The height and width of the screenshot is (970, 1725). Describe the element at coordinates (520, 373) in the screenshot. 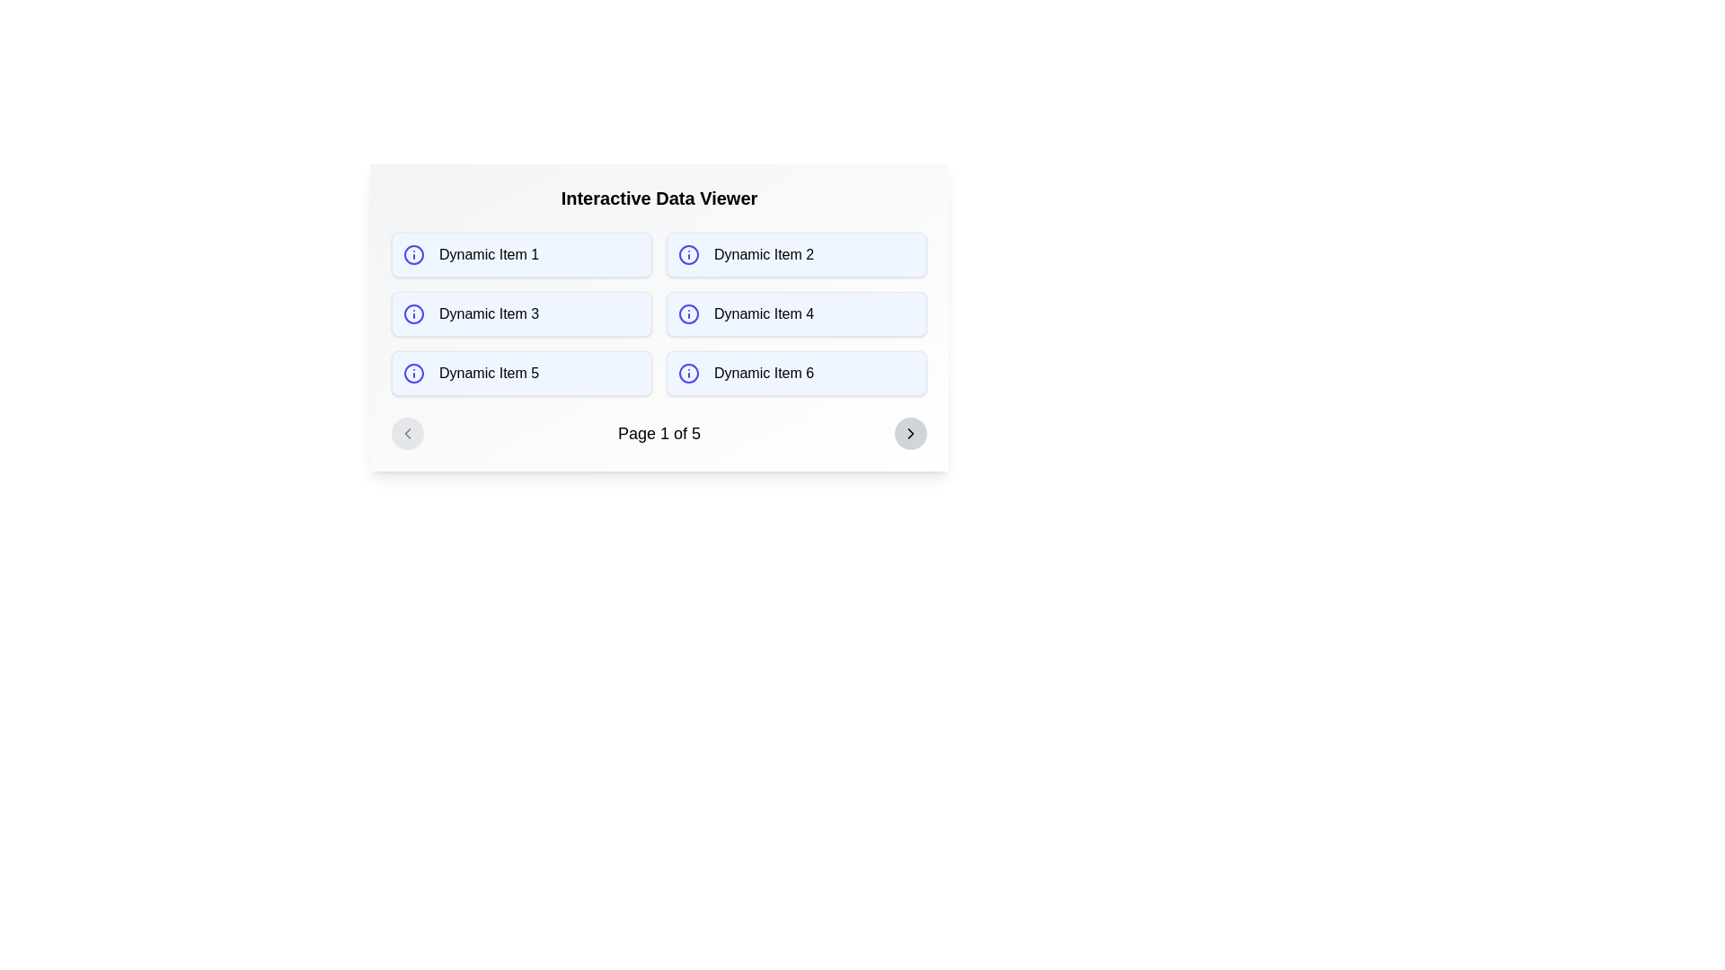

I see `the static display card labeled 'Dynamic Item 5' located in the left column of the third row in a grid layout` at that location.